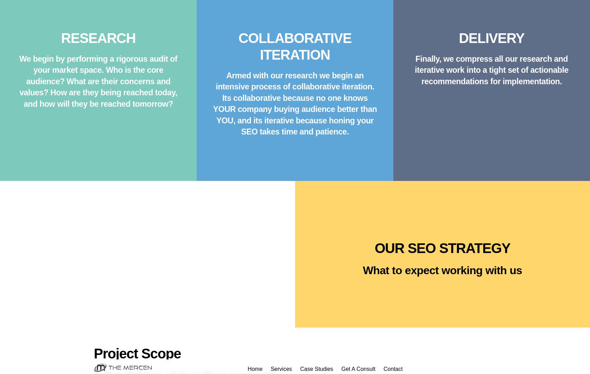  What do you see at coordinates (158, 196) in the screenshot?
I see `'Get Rock-Solid Rankings And Expert Advice Today >>'` at bounding box center [158, 196].